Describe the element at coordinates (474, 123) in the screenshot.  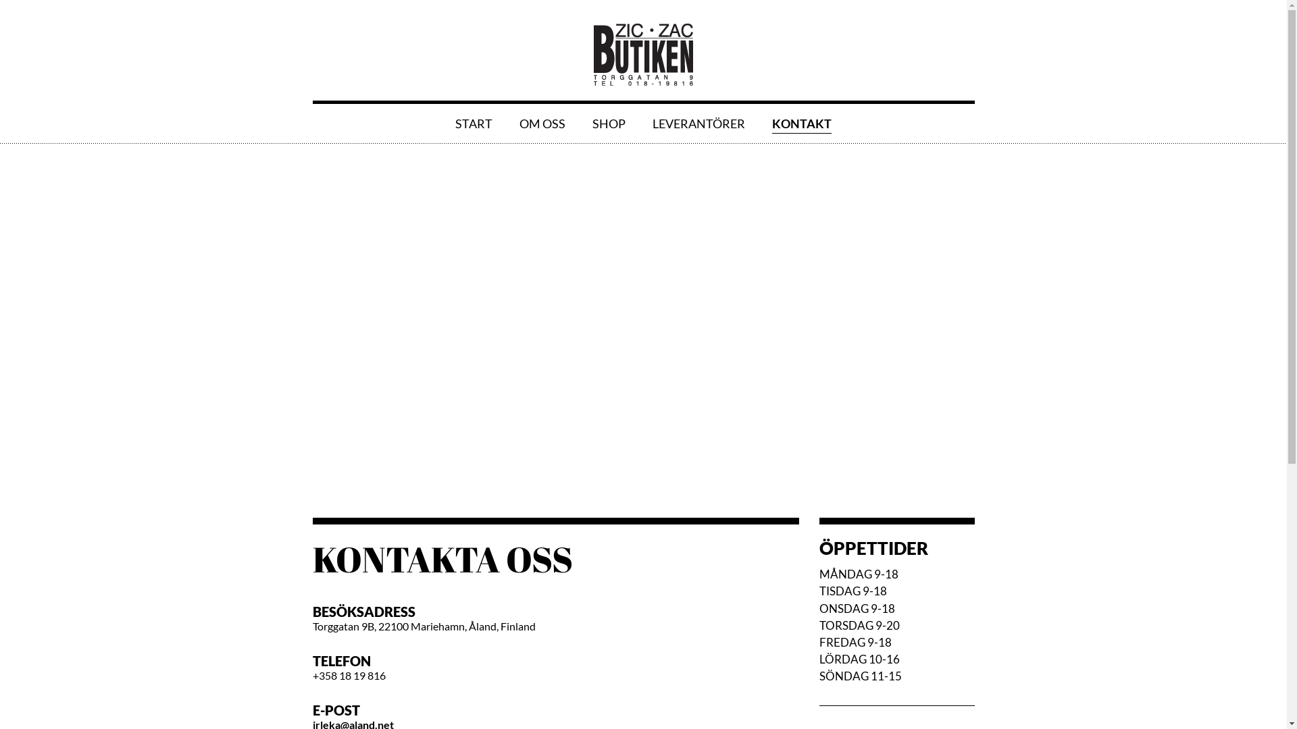
I see `'START'` at that location.